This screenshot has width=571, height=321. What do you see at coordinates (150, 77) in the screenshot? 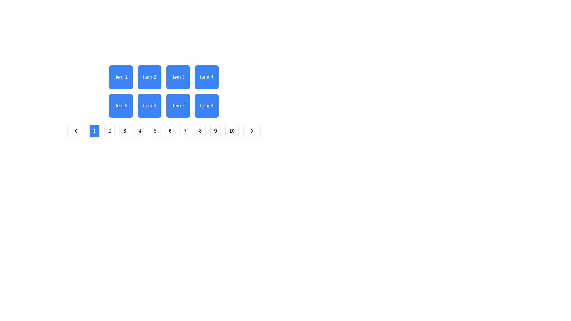
I see `the static display block labeled 'Item 2' located in the first row, second column of the grid` at bounding box center [150, 77].